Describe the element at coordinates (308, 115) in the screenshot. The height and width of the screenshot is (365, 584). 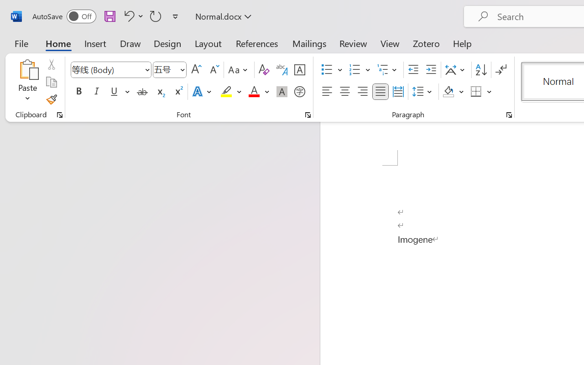
I see `'Font...'` at that location.